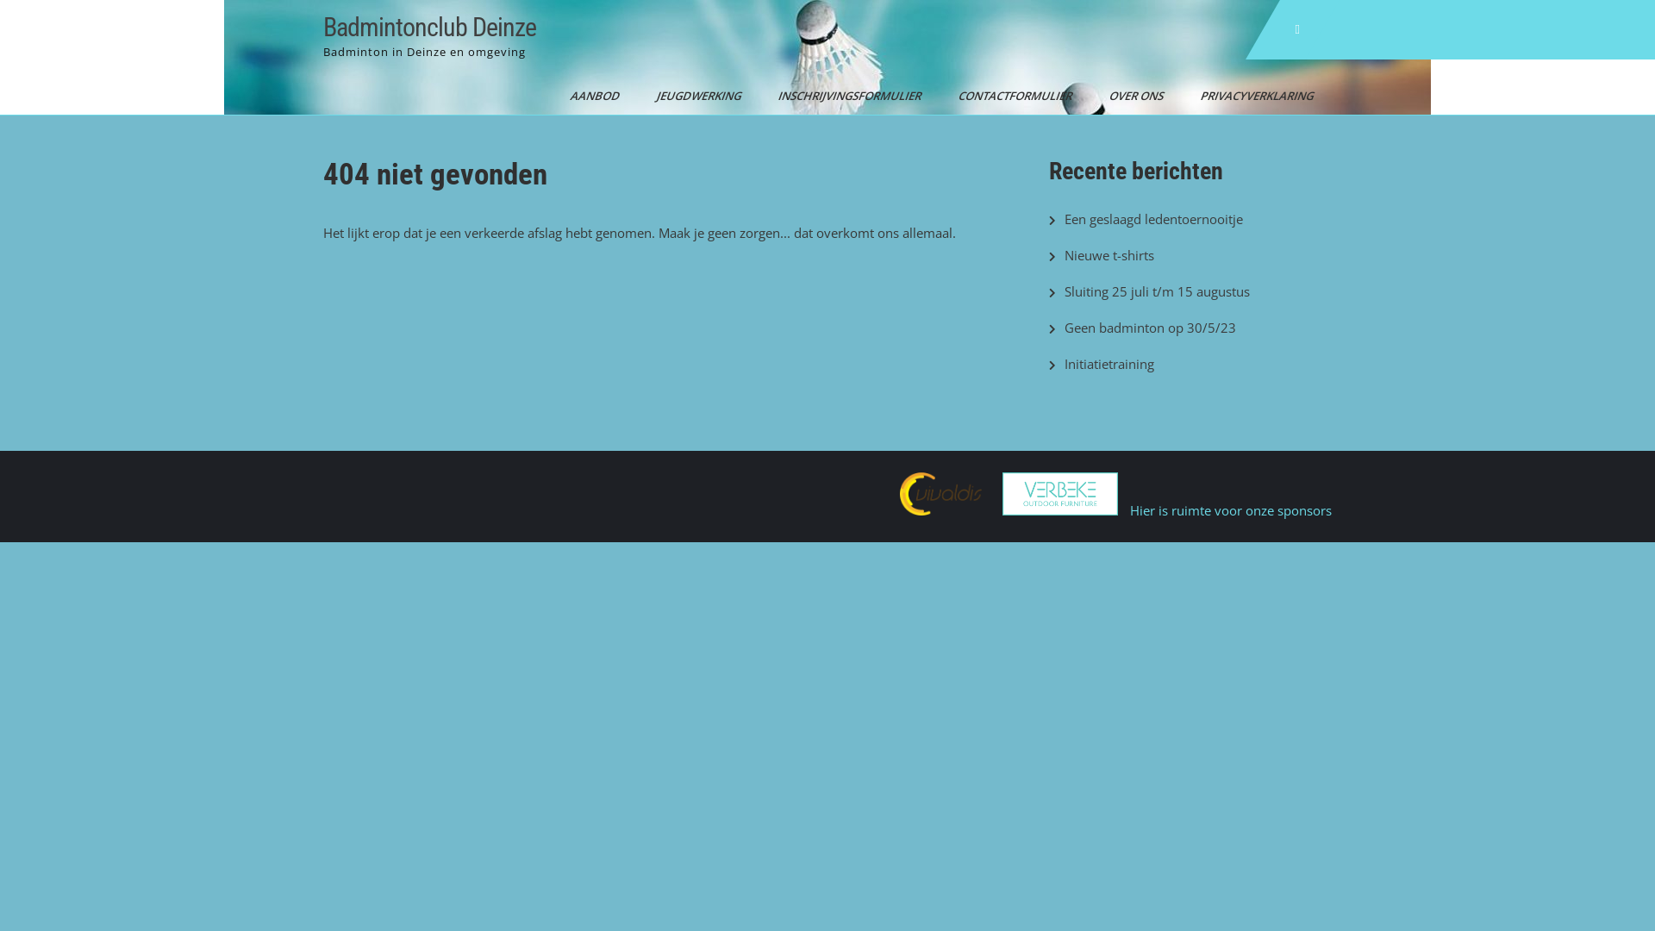  I want to click on 'AANBOD', so click(589, 96).